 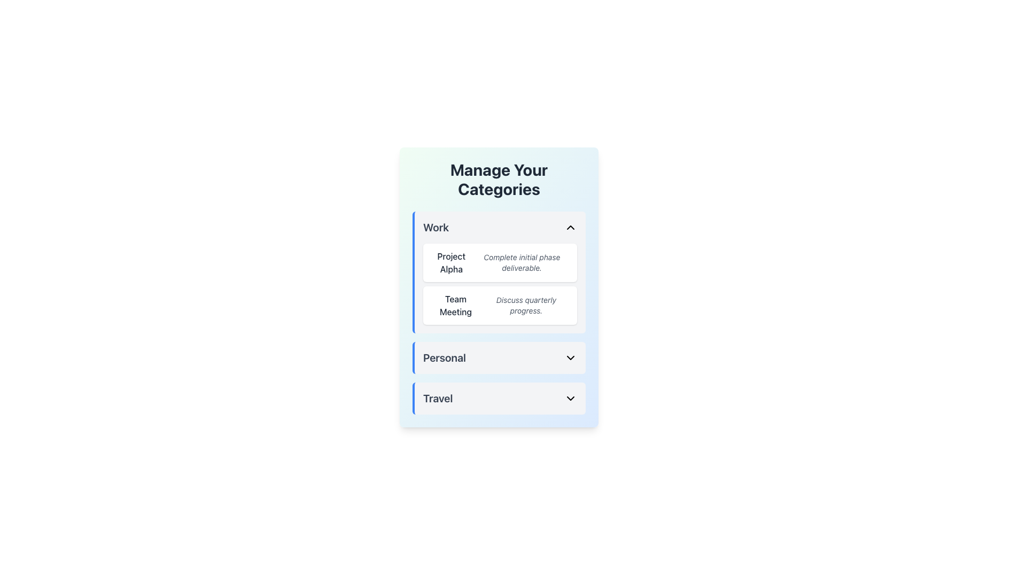 I want to click on the 'Personal' text label, which is prominently styled in bold and larger size, located under the 'Manage Your Categories' section, positioned between 'Work' and 'Travel' sections, so click(x=444, y=358).